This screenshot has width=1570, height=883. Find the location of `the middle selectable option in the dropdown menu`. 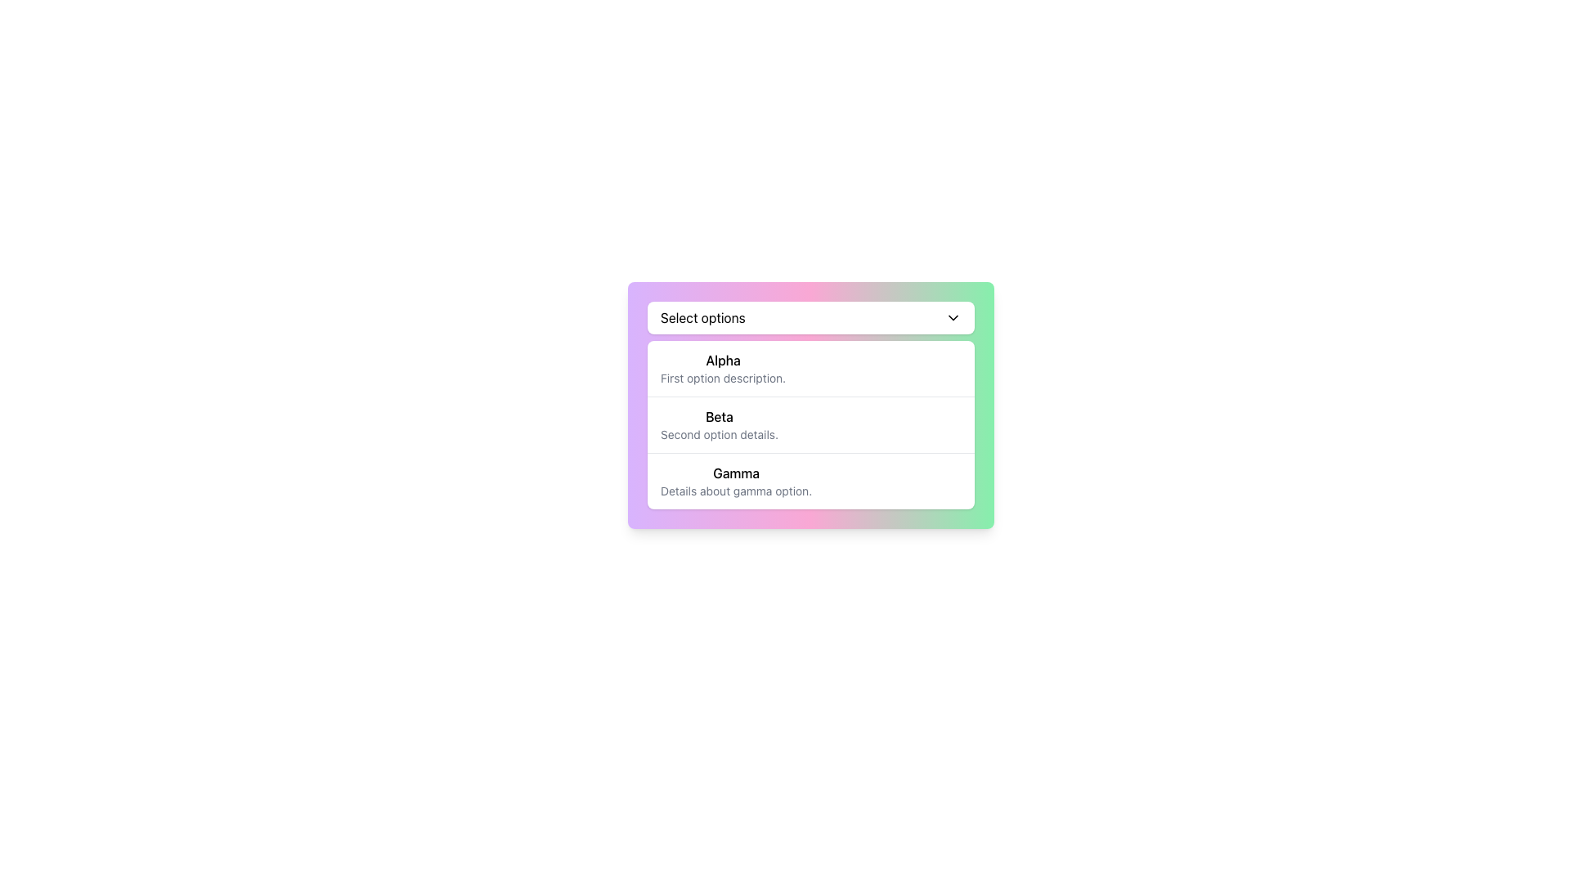

the middle selectable option in the dropdown menu is located at coordinates (811, 405).